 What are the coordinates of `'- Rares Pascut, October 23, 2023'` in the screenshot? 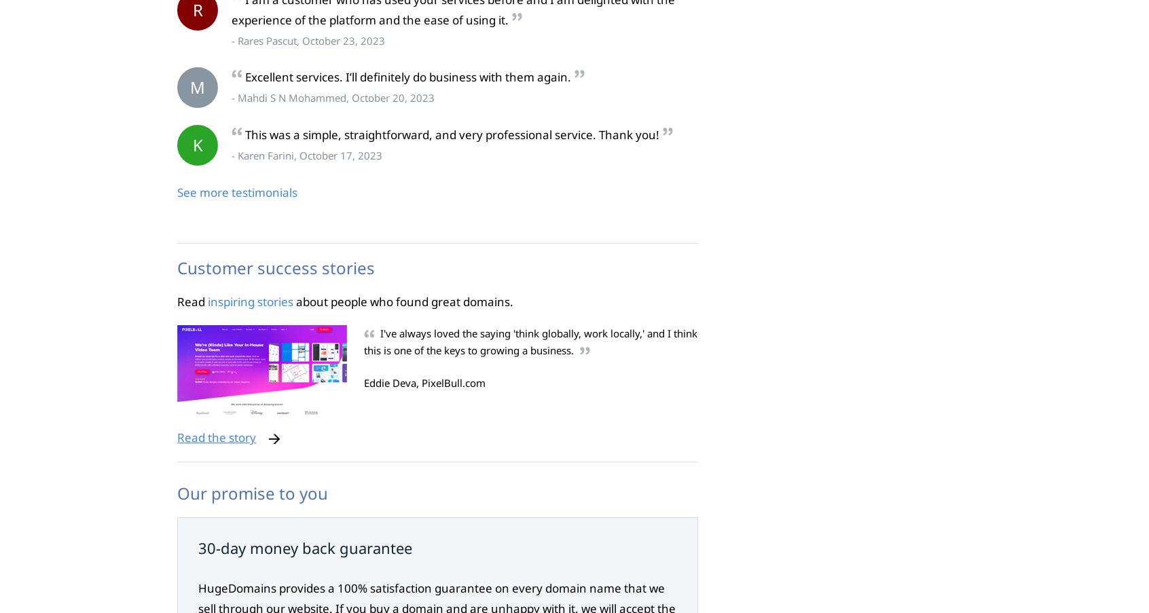 It's located at (307, 39).